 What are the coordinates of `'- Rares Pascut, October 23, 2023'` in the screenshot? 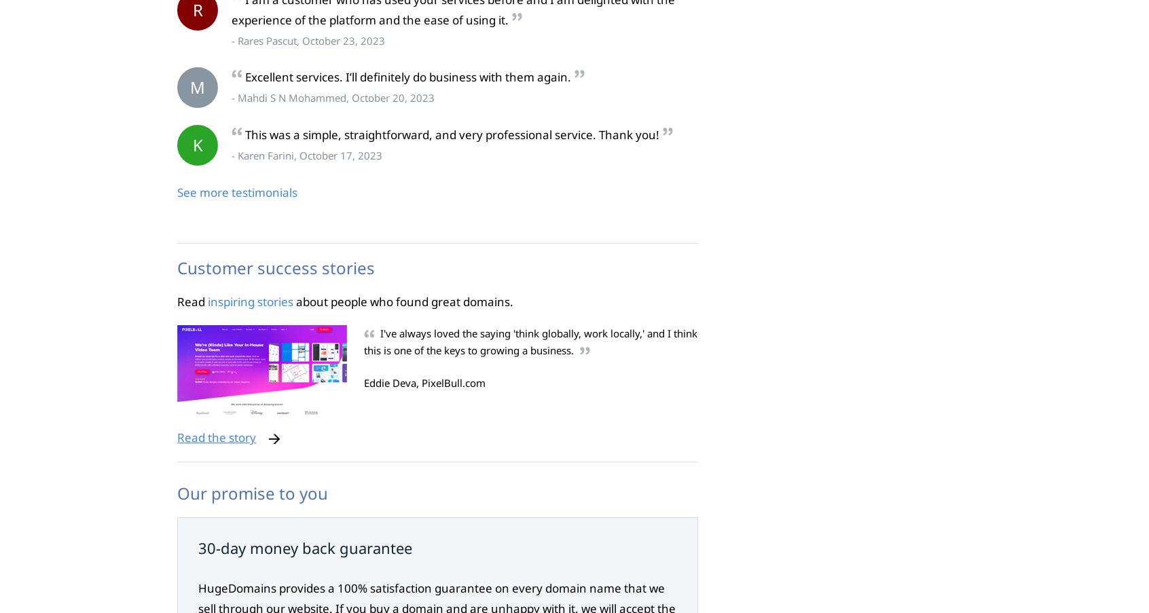 It's located at (307, 39).